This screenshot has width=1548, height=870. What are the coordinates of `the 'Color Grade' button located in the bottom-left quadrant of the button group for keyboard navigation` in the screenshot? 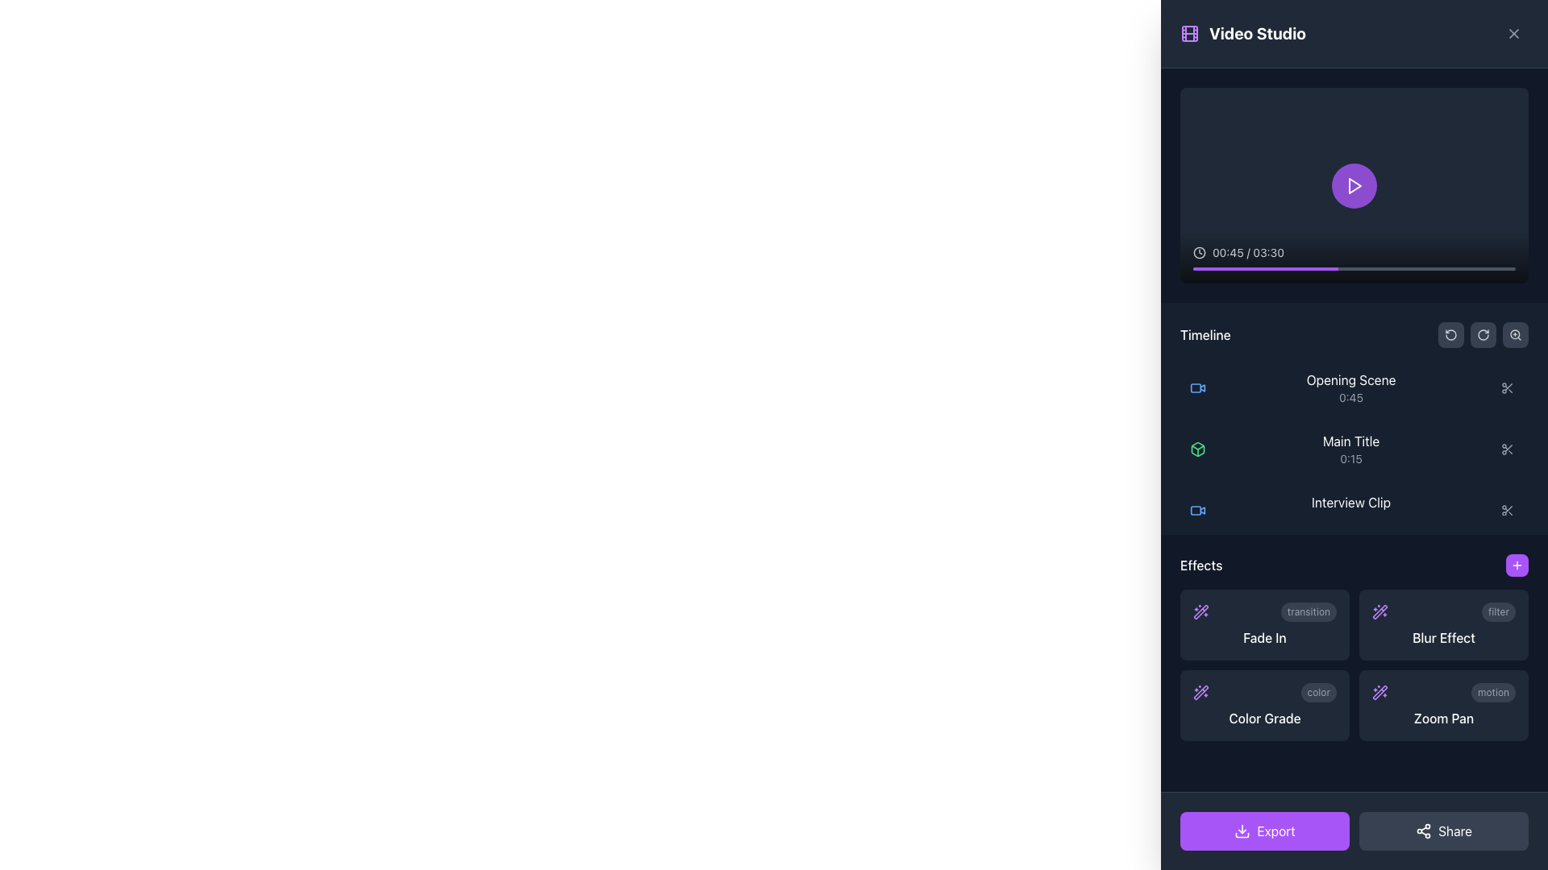 It's located at (1264, 704).